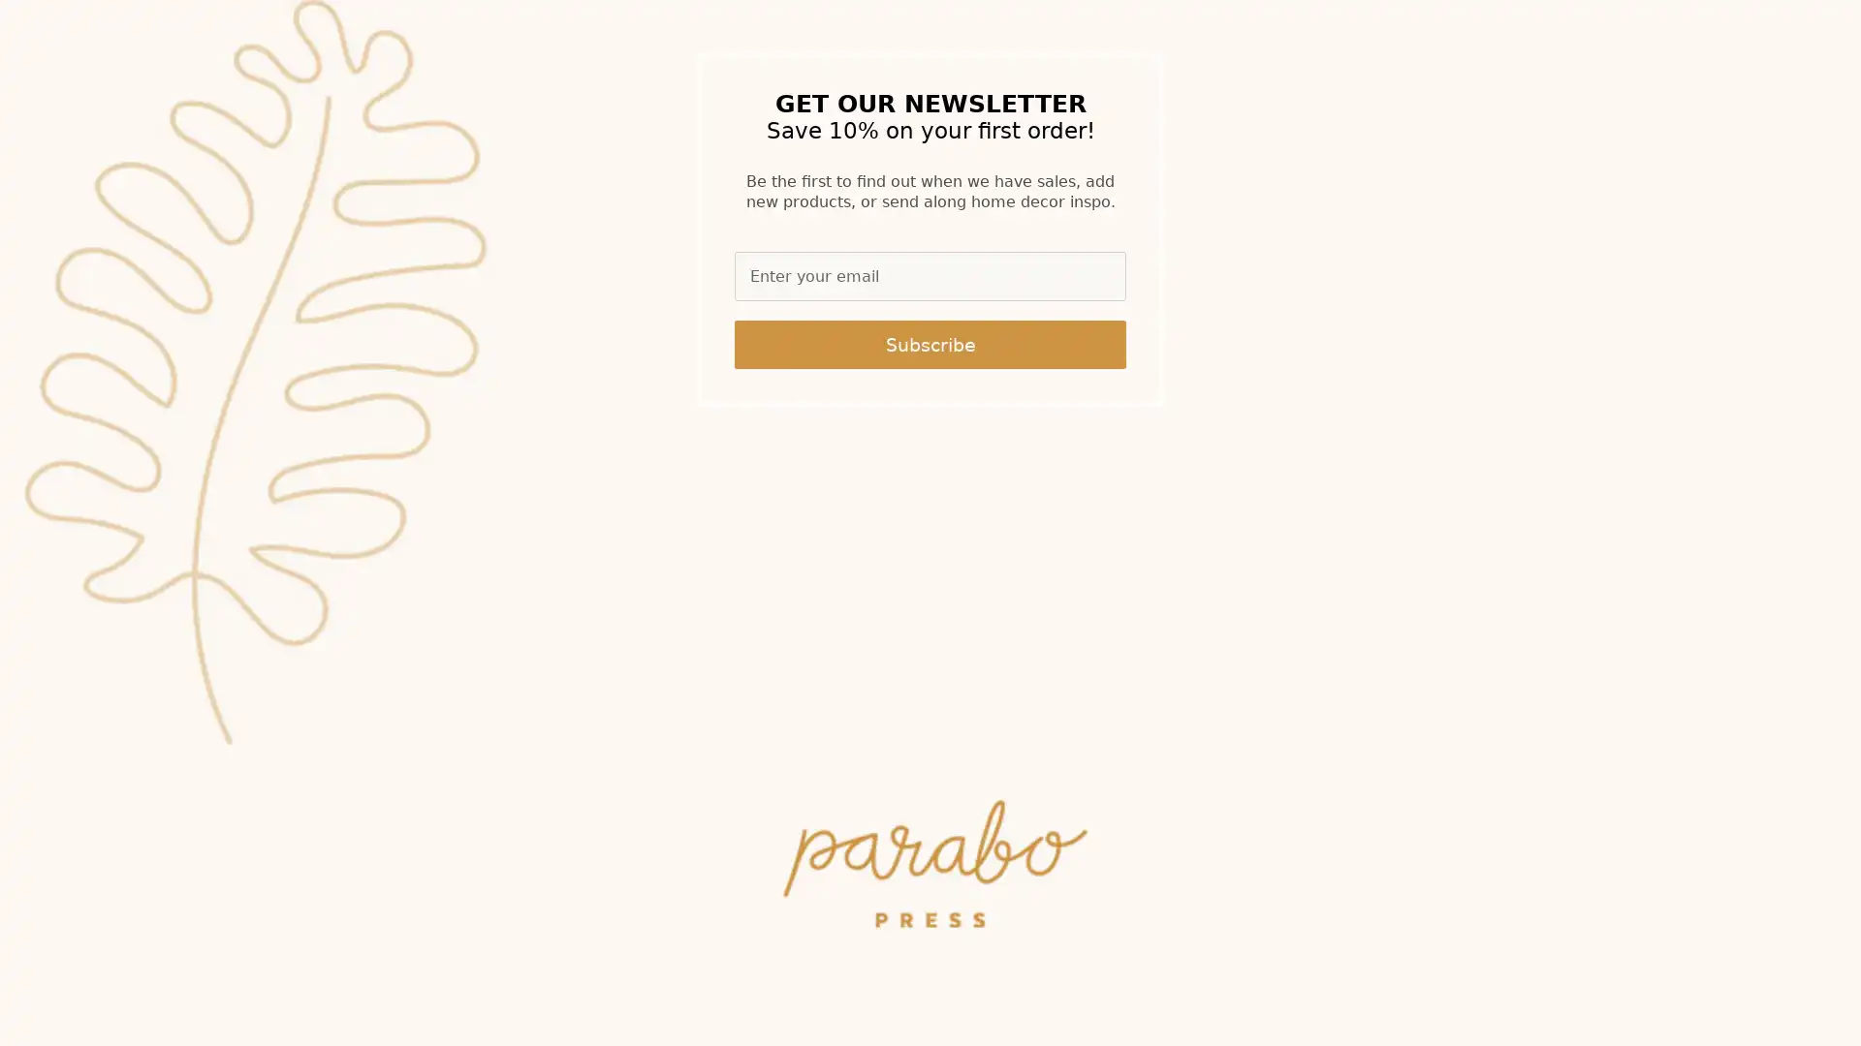  What do you see at coordinates (930, 343) in the screenshot?
I see `Subscribe` at bounding box center [930, 343].